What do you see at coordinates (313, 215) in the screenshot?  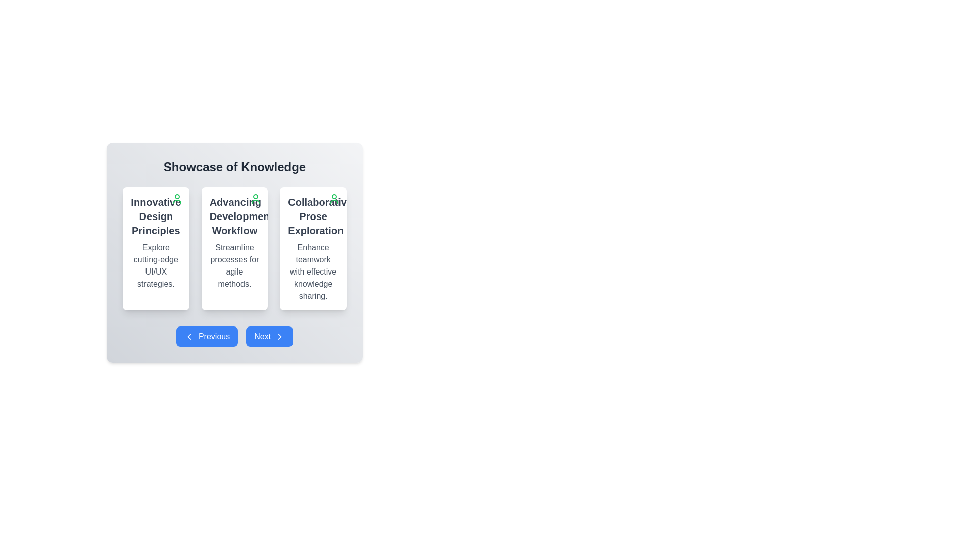 I see `the title text label of the third card, which is centrally positioned at the top of the card and serves as the headline for the card's content` at bounding box center [313, 215].